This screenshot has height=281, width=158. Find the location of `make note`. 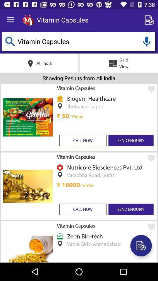

make note is located at coordinates (141, 246).